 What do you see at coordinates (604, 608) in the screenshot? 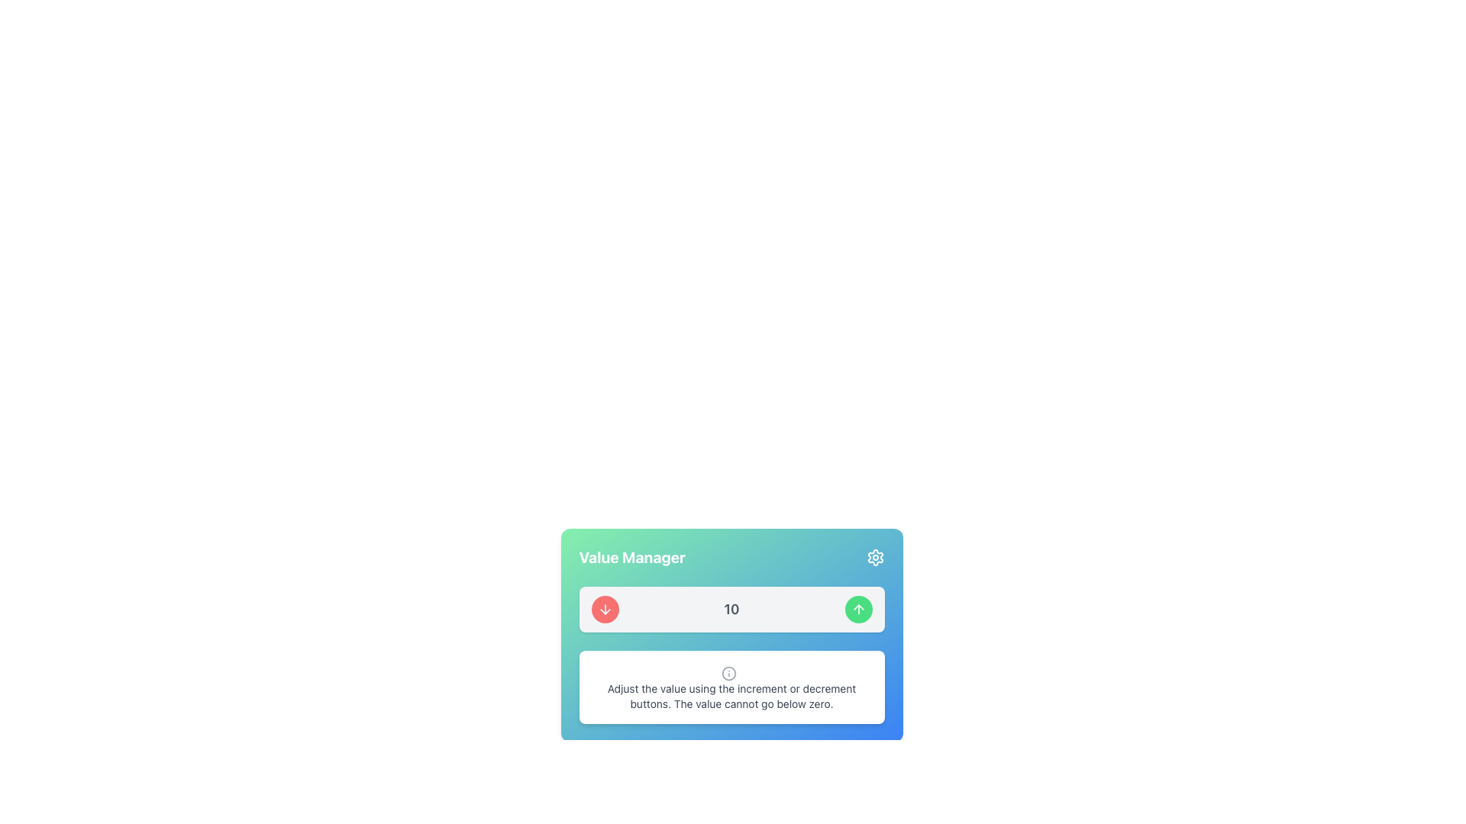
I see `the red circular button with a downward-pointing arrow icon to decrease the associated value` at bounding box center [604, 608].